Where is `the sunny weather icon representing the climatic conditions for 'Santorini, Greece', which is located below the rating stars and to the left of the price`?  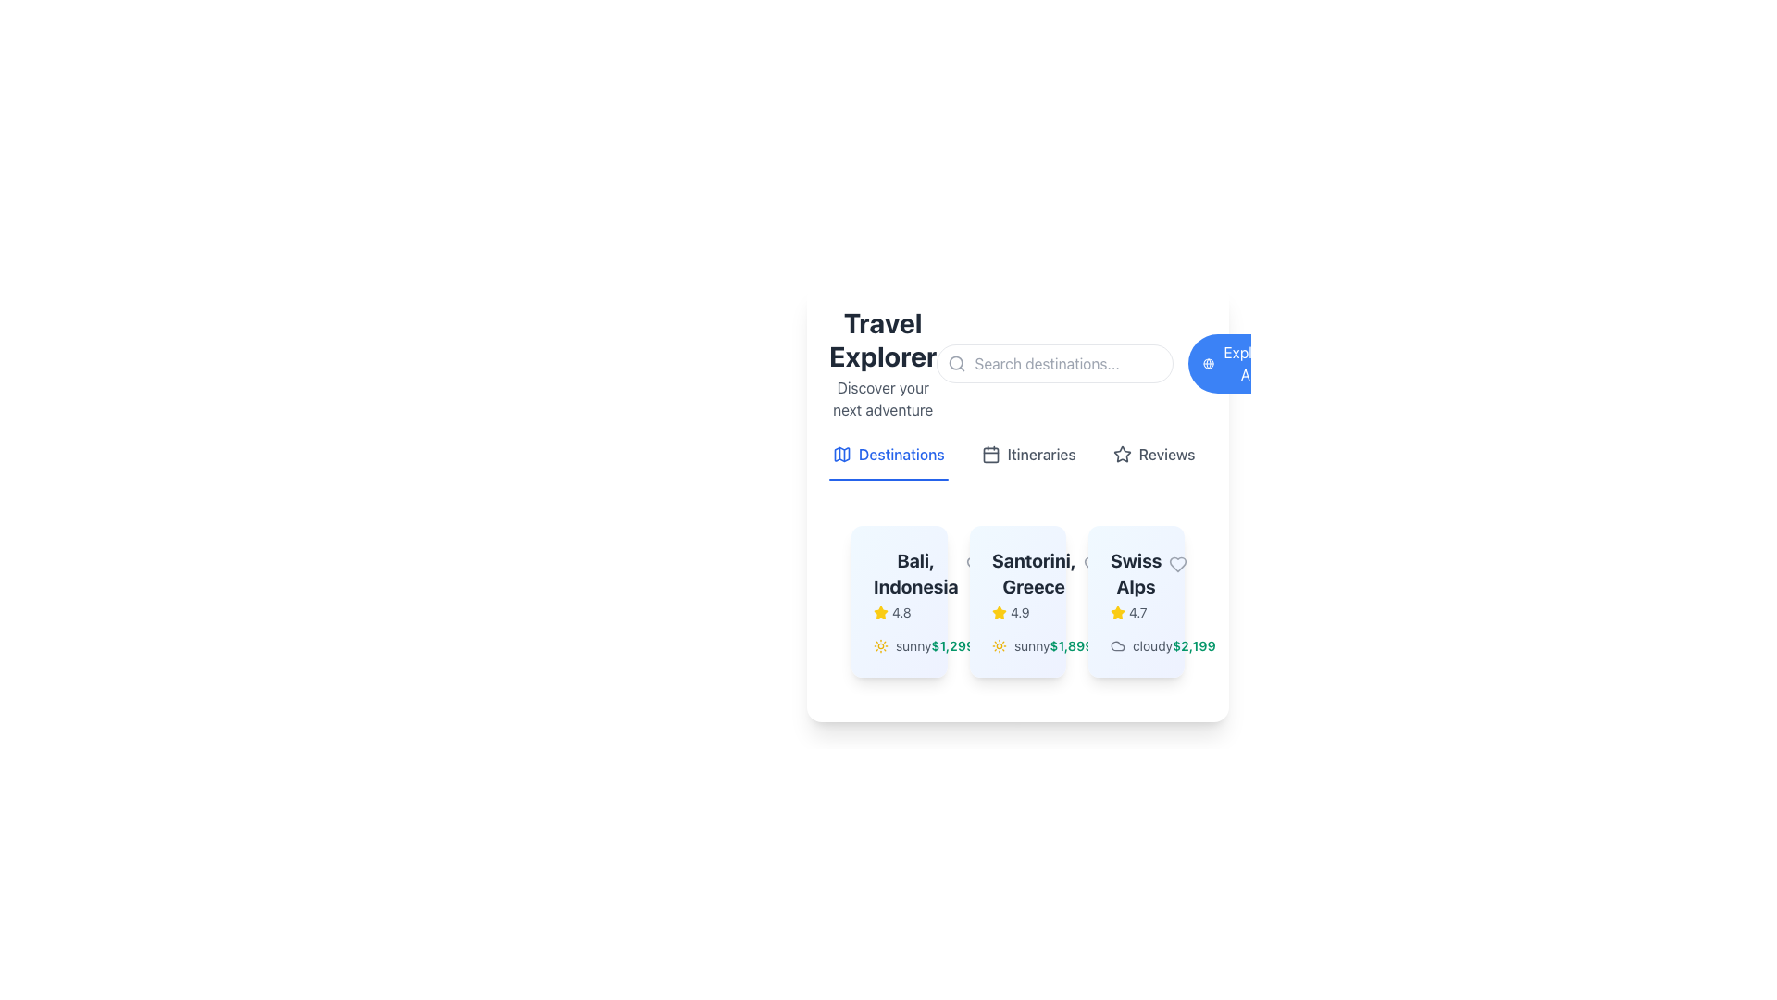 the sunny weather icon representing the climatic conditions for 'Santorini, Greece', which is located below the rating stars and to the left of the price is located at coordinates (999, 645).